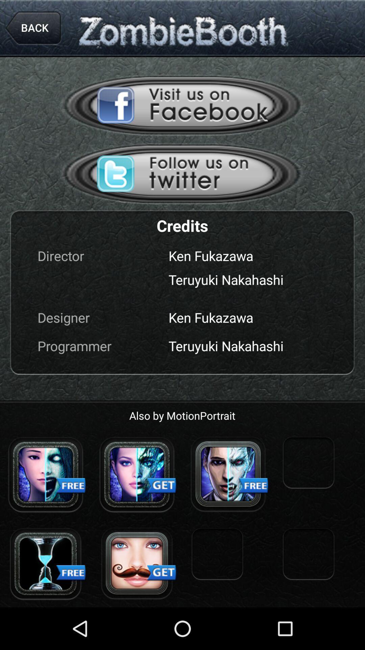 Image resolution: width=365 pixels, height=650 pixels. I want to click on visit the facebook page, so click(182, 105).